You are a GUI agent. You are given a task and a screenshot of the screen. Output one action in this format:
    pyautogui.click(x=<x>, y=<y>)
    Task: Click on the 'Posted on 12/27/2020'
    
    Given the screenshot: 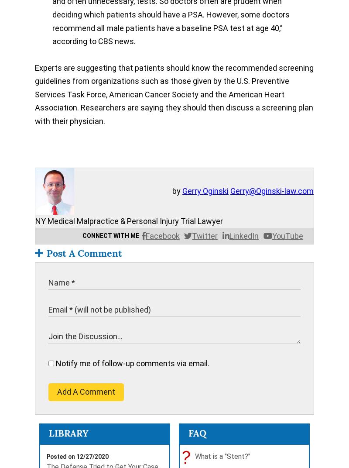 What is the action you would take?
    pyautogui.click(x=46, y=456)
    